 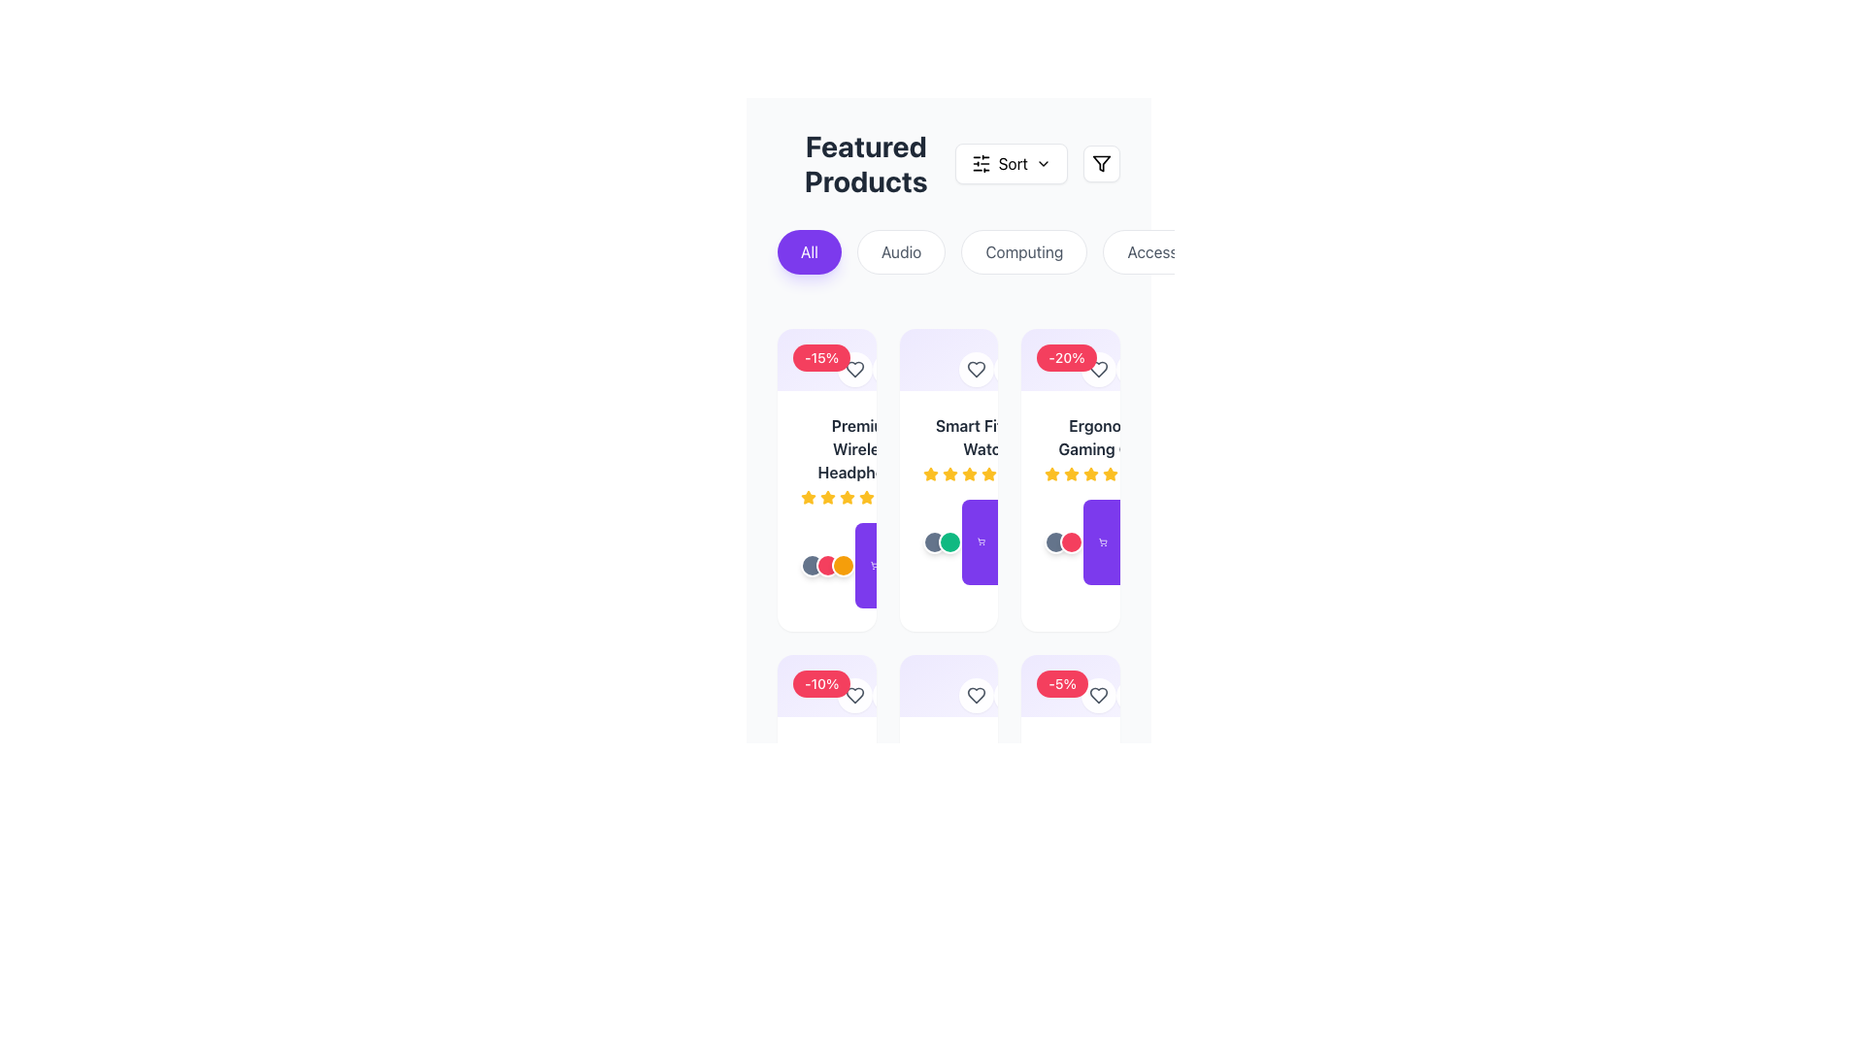 What do you see at coordinates (900, 250) in the screenshot?
I see `the 'Audio' button, which has rounded corners, a gray font, a white background with a gray border, located under the 'Featured Products' section, between the 'All' and 'Computing' buttons` at bounding box center [900, 250].